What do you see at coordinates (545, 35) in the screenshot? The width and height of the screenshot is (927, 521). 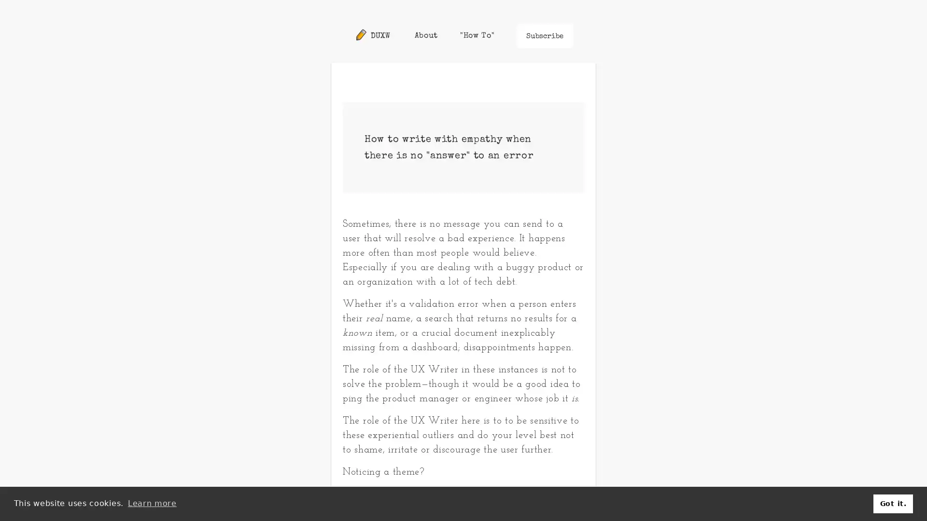 I see `Subscribe` at bounding box center [545, 35].